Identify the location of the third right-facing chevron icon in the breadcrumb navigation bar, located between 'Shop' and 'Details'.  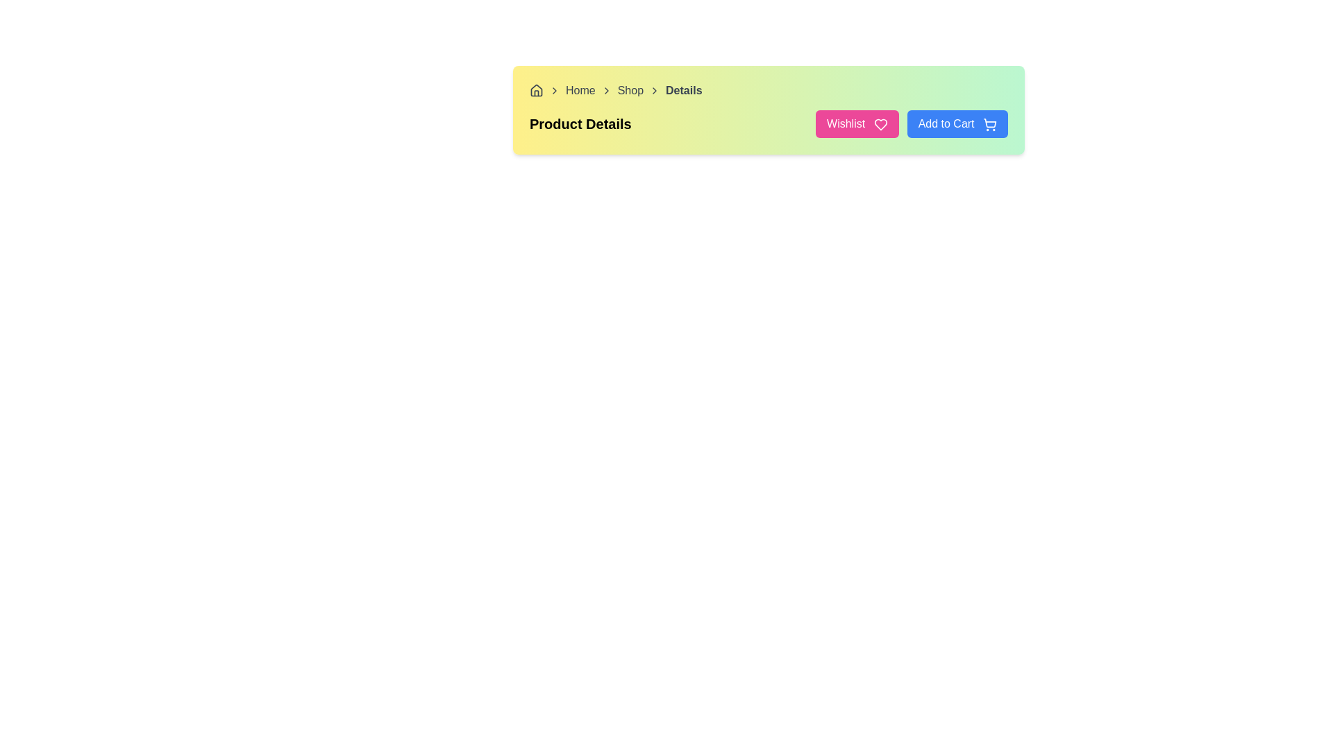
(654, 91).